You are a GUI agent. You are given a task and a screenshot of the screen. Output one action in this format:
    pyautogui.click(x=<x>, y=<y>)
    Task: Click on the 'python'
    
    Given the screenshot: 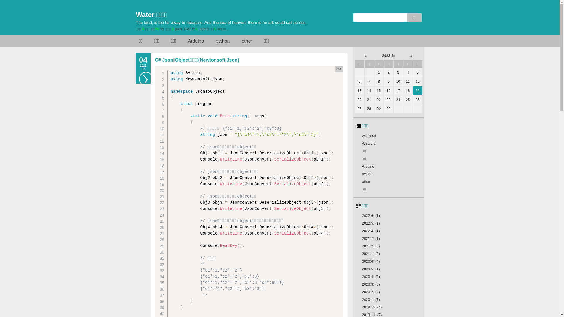 What is the action you would take?
    pyautogui.click(x=367, y=174)
    